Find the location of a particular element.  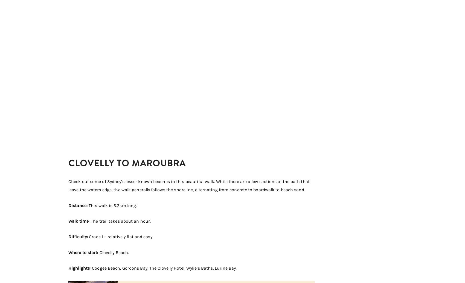

'Difficulty:' is located at coordinates (68, 237).